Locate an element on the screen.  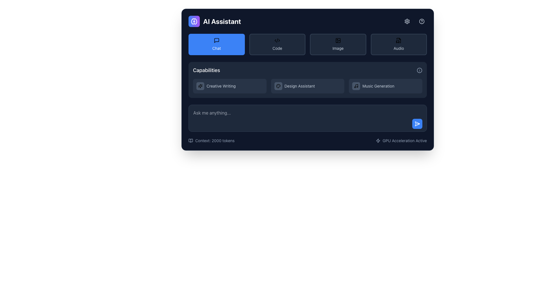
the audio-related features button, which is the fourth option in the grid located in the top-right section of the interface is located at coordinates (398, 44).